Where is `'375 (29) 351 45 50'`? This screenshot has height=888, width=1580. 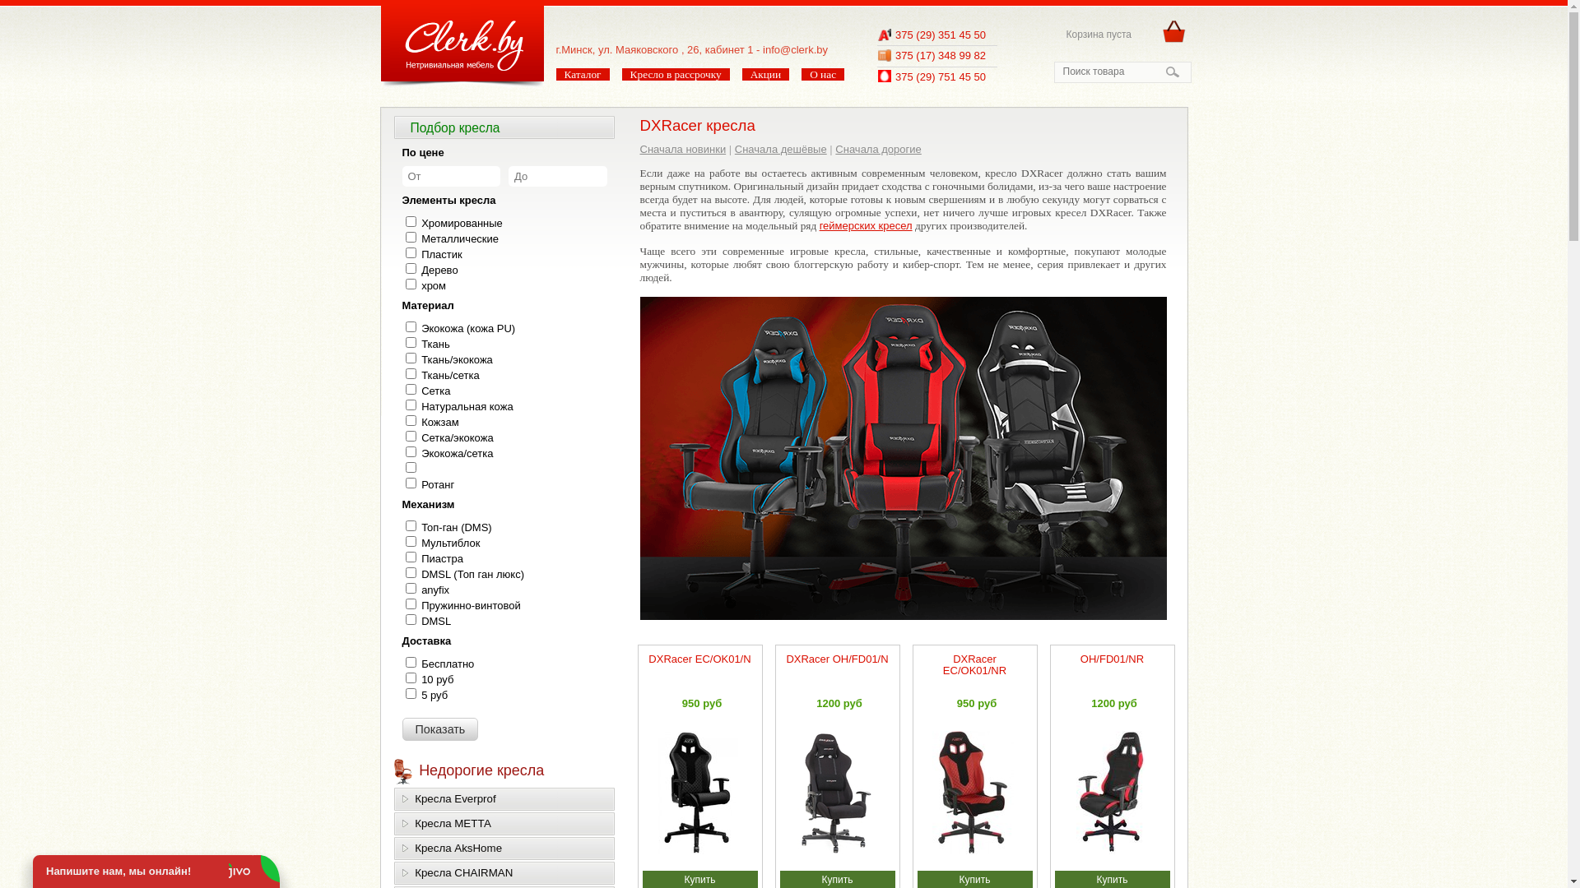
'375 (29) 351 45 50' is located at coordinates (940, 35).